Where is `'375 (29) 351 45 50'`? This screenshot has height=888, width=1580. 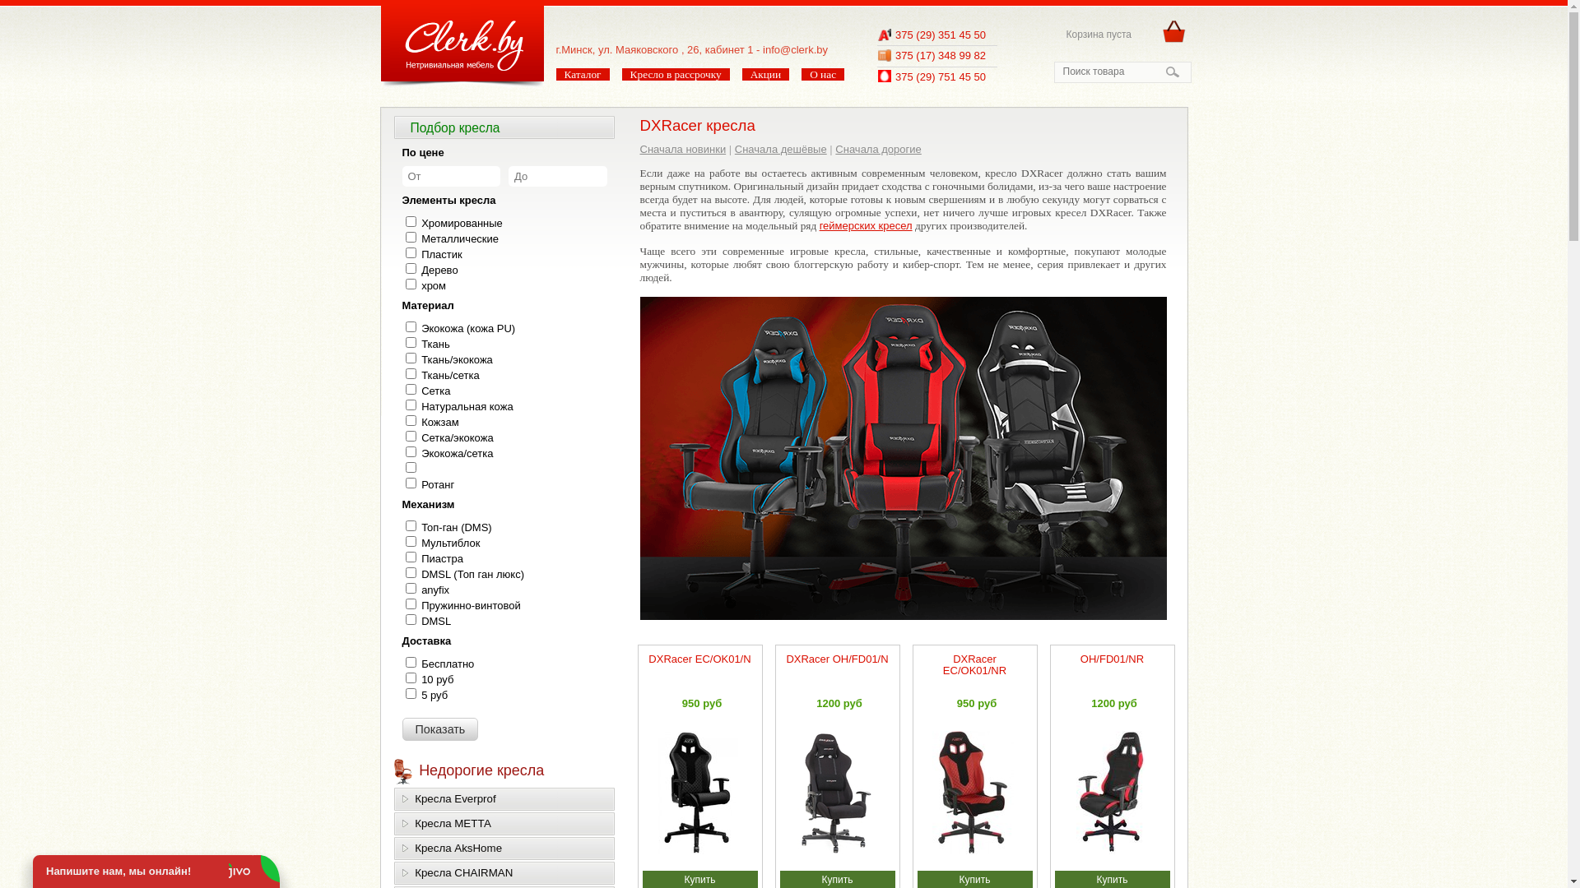
'375 (29) 351 45 50' is located at coordinates (940, 35).